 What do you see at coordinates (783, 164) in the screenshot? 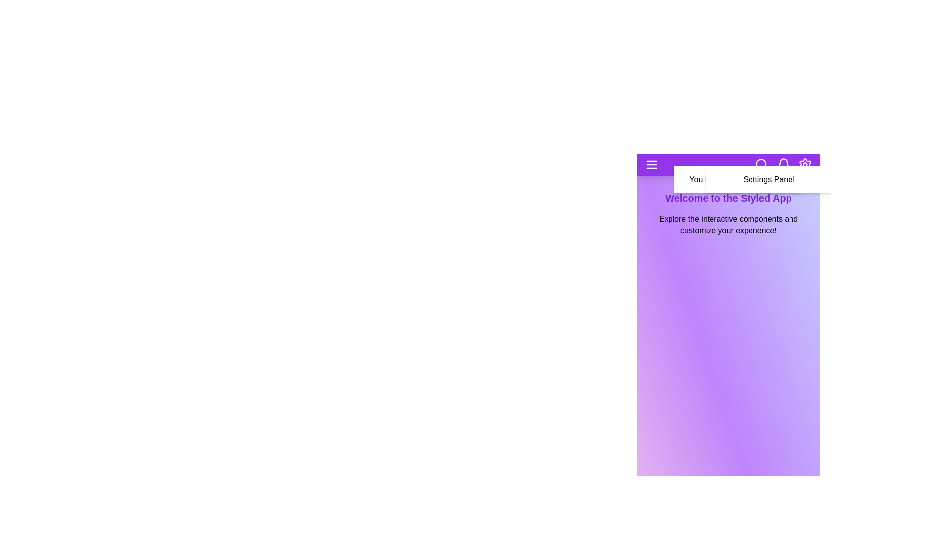
I see `the bell icon to toggle the notifications panel` at bounding box center [783, 164].